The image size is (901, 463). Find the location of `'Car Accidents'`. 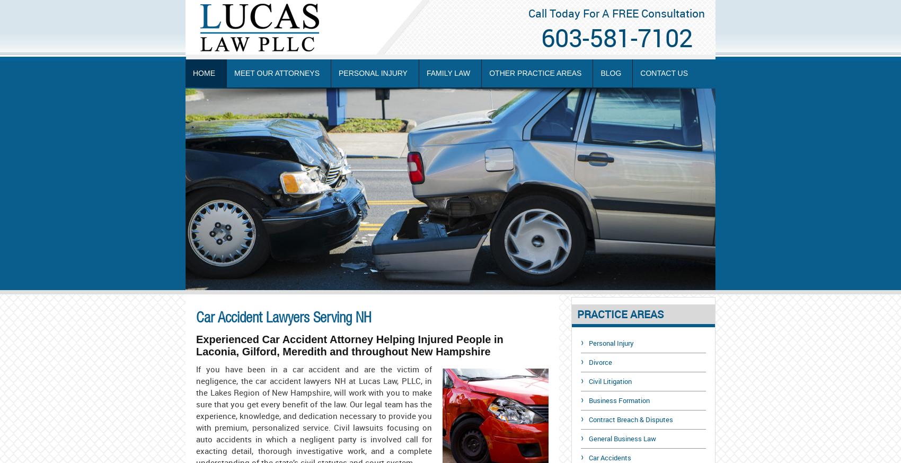

'Car Accidents' is located at coordinates (610, 457).